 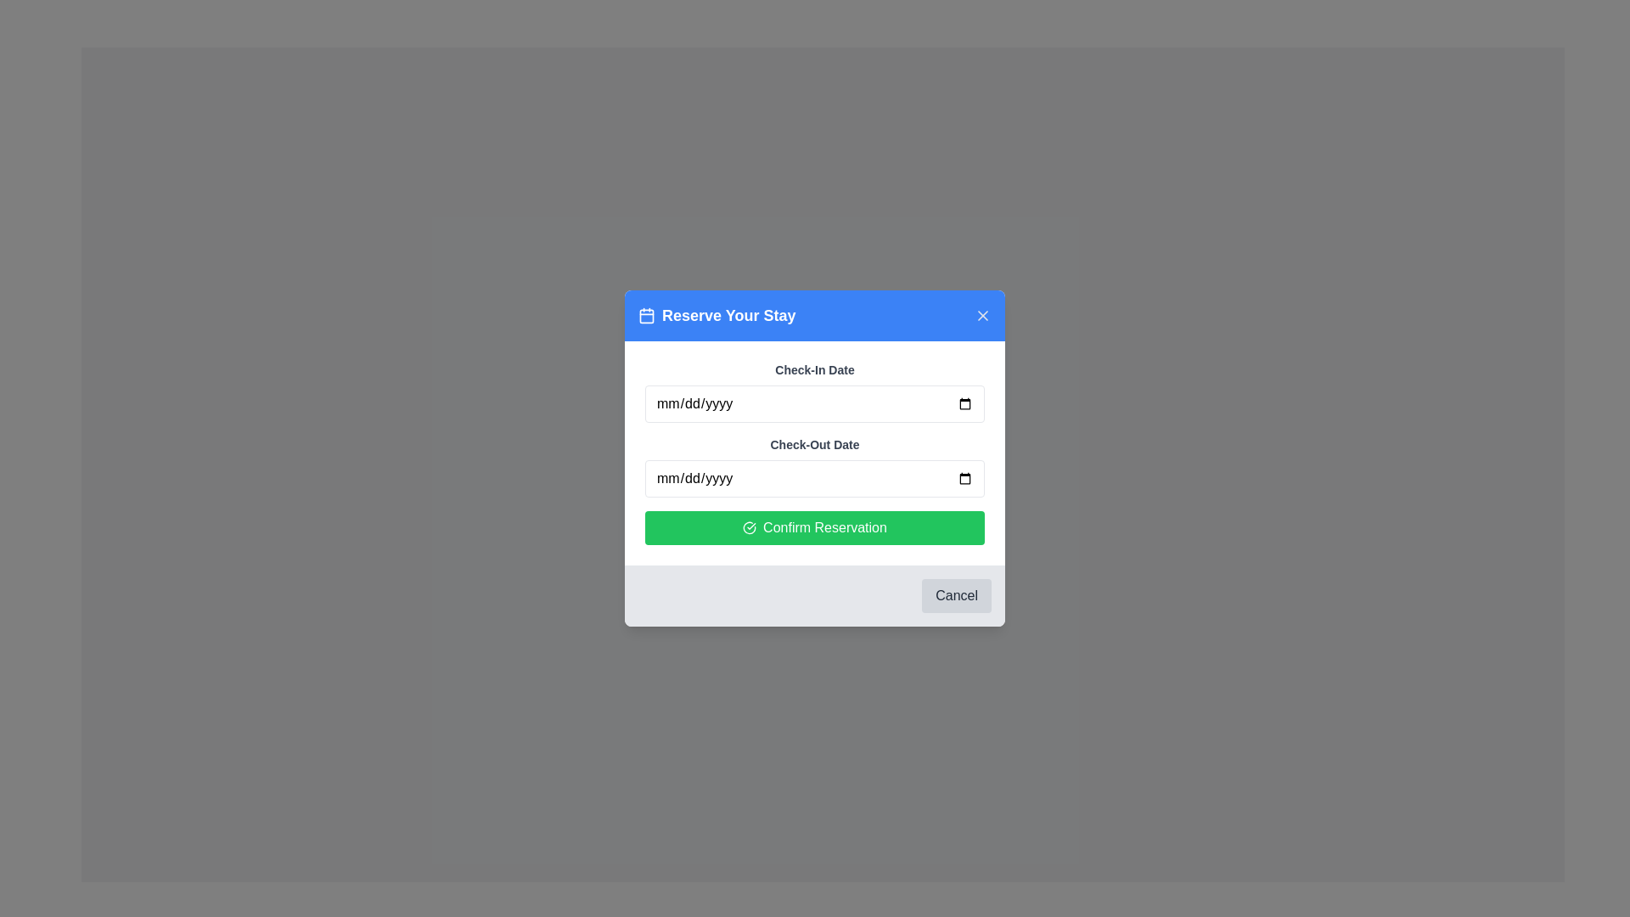 I want to click on the text input fields within the reservation form located centrally on the page to set the check-in and check-out dates, so click(x=815, y=458).